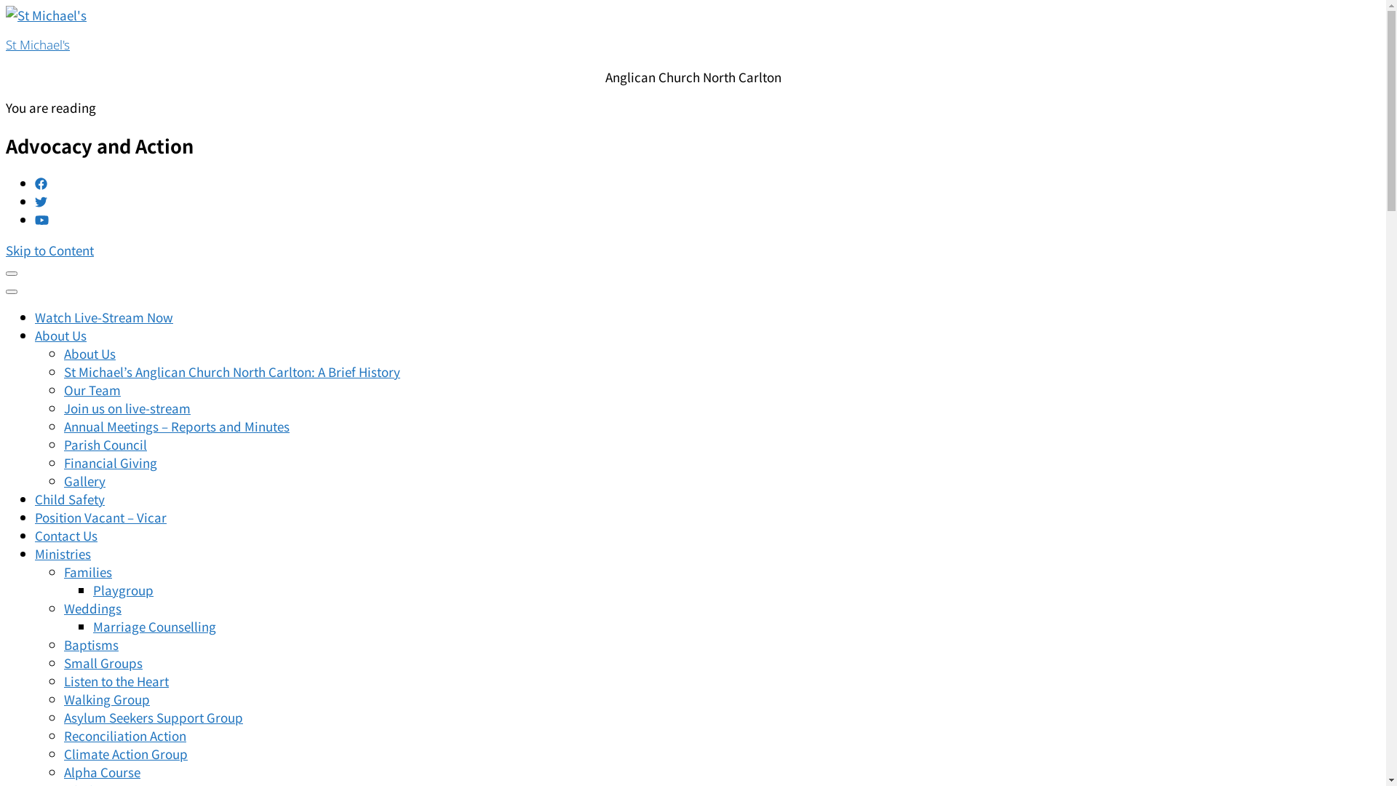 The width and height of the screenshot is (1397, 786). Describe the element at coordinates (91, 389) in the screenshot. I see `'Our Team'` at that location.